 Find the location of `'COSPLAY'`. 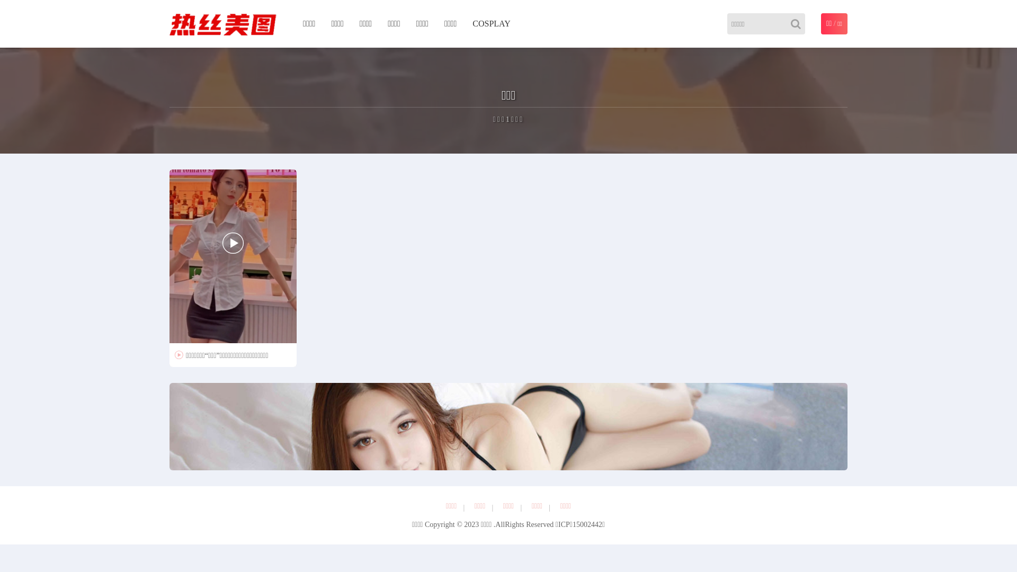

'COSPLAY' is located at coordinates (490, 24).